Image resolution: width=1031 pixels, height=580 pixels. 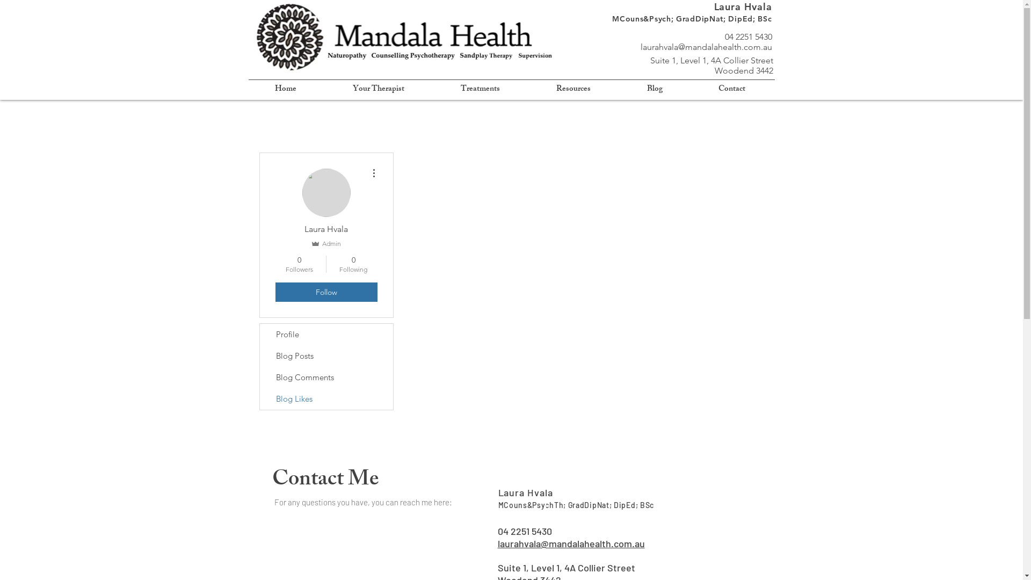 I want to click on '0, so click(x=299, y=264).